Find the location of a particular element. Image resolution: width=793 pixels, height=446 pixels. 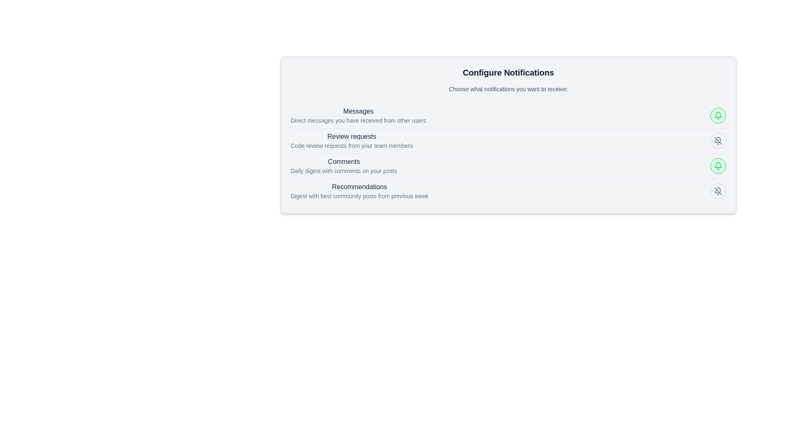

the notification status icon, which is a grayscale bell with a diagonal line crossing it, located in the top-right corner of the 'Recommendations' row in the notification settings panel is located at coordinates (717, 140).